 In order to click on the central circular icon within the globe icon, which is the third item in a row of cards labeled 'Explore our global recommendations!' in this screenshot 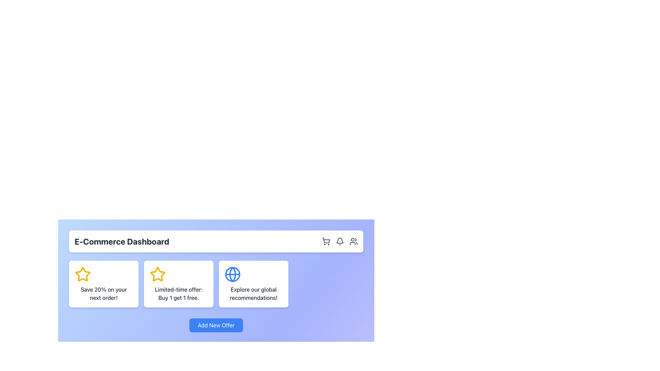, I will do `click(232, 274)`.